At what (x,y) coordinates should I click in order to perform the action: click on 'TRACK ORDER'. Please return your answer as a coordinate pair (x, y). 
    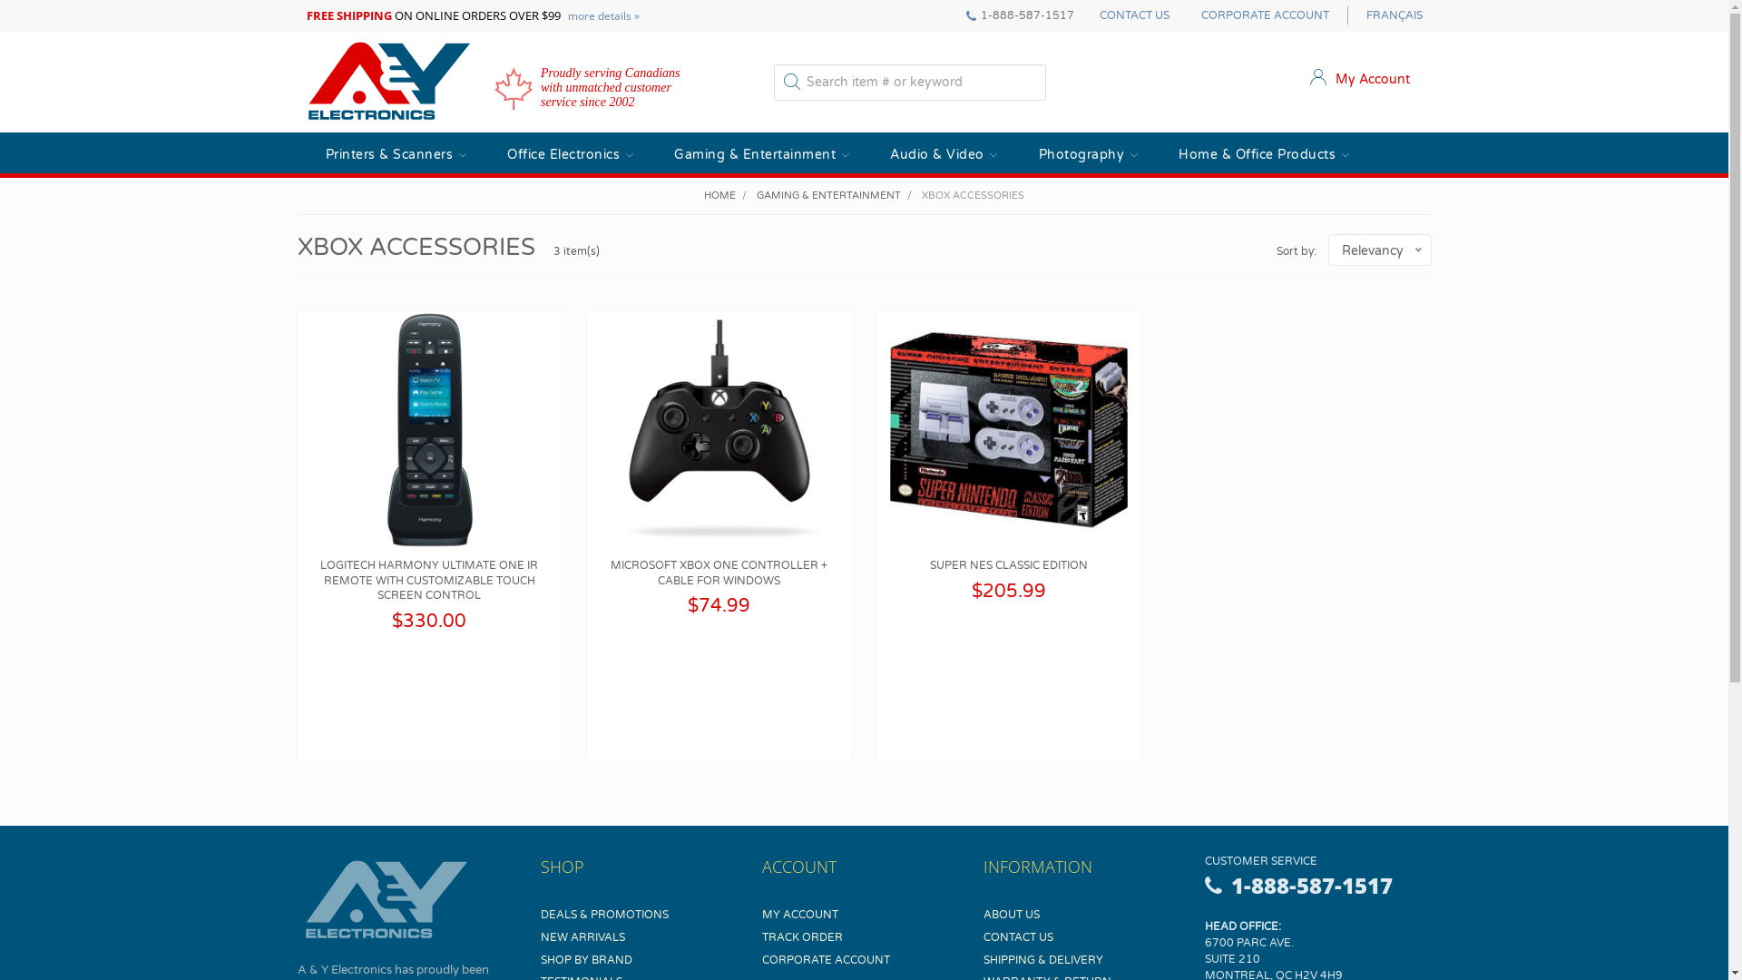
    Looking at the image, I should click on (801, 937).